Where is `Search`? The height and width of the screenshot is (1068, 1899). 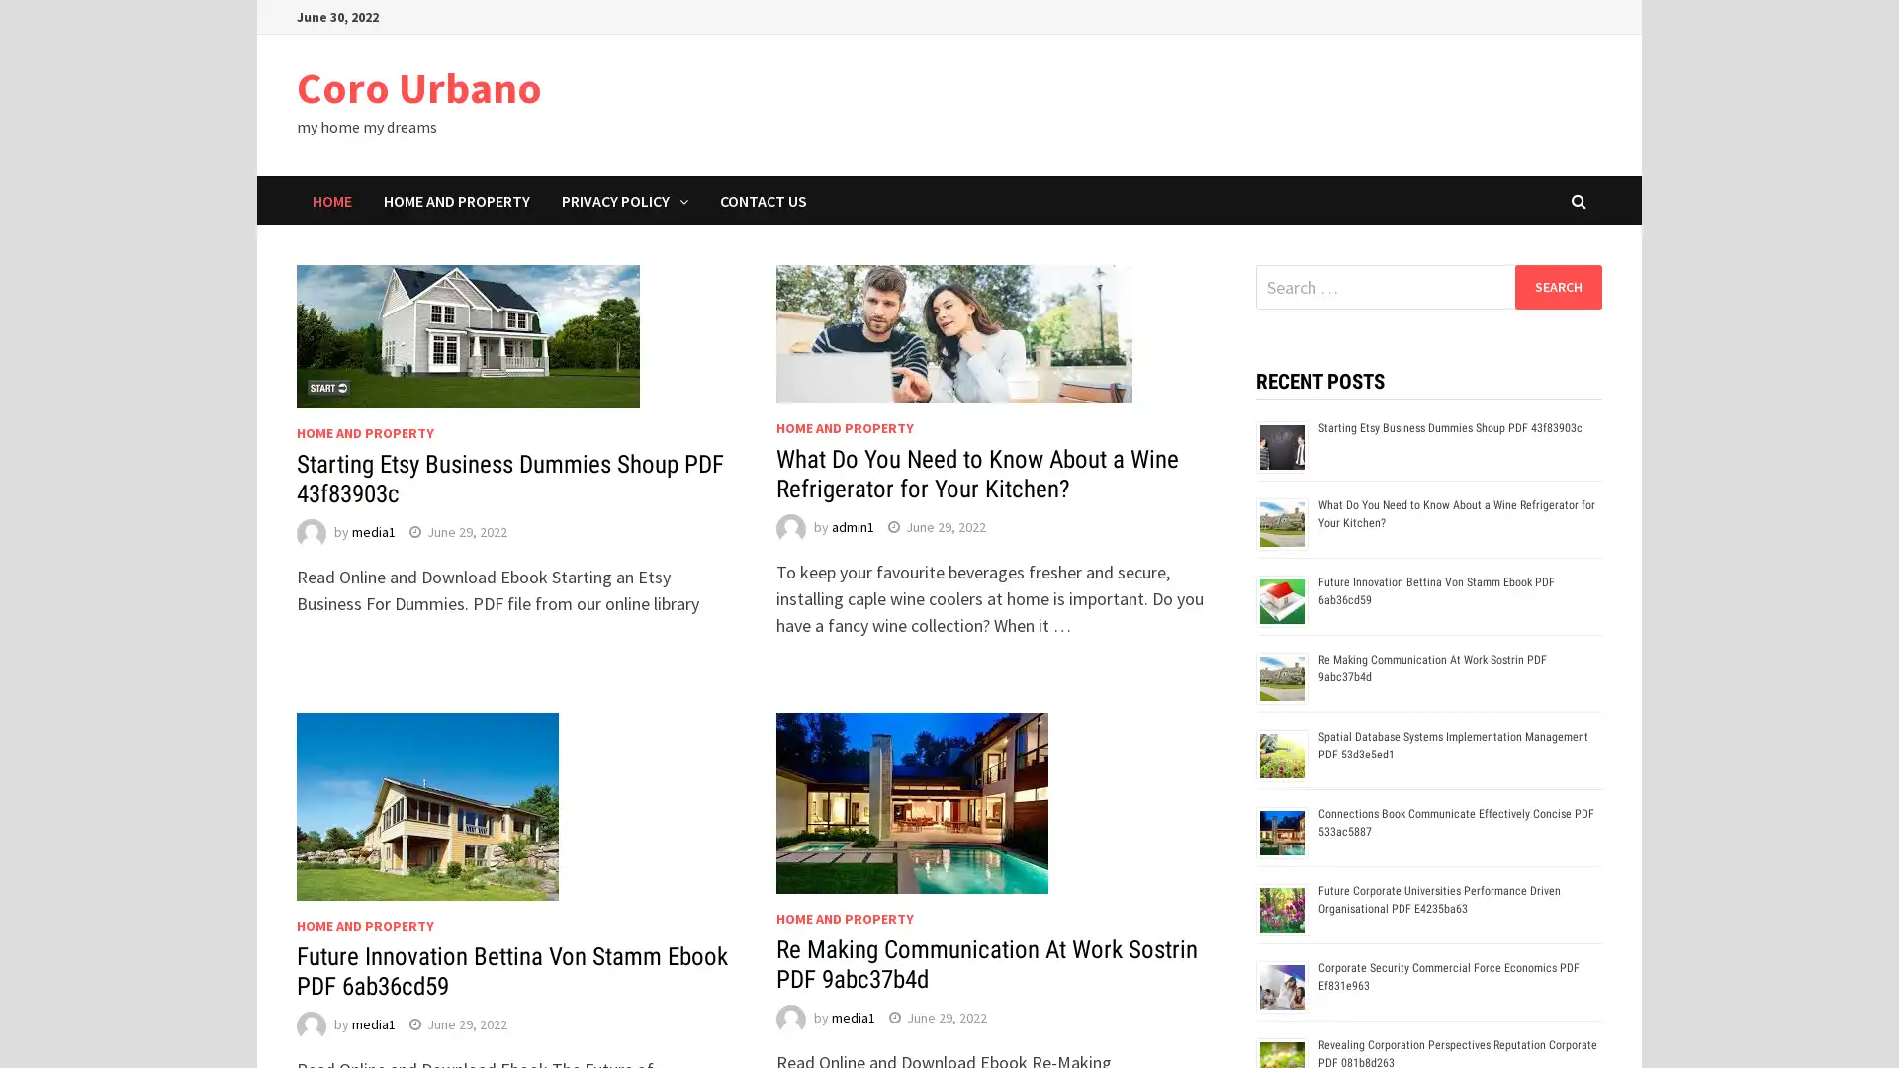
Search is located at coordinates (1557, 286).